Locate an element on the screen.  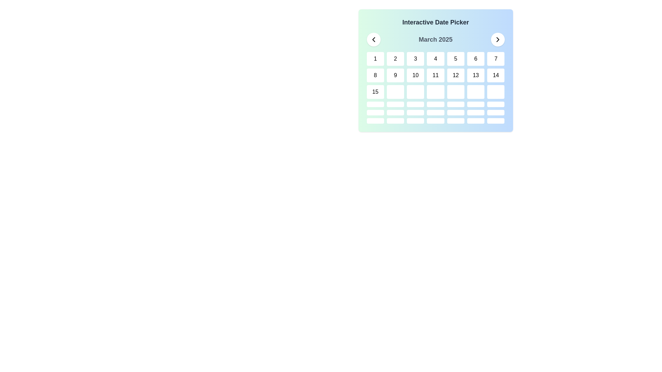
the button in the date picker located in the fifth row and sixth column is located at coordinates (475, 104).